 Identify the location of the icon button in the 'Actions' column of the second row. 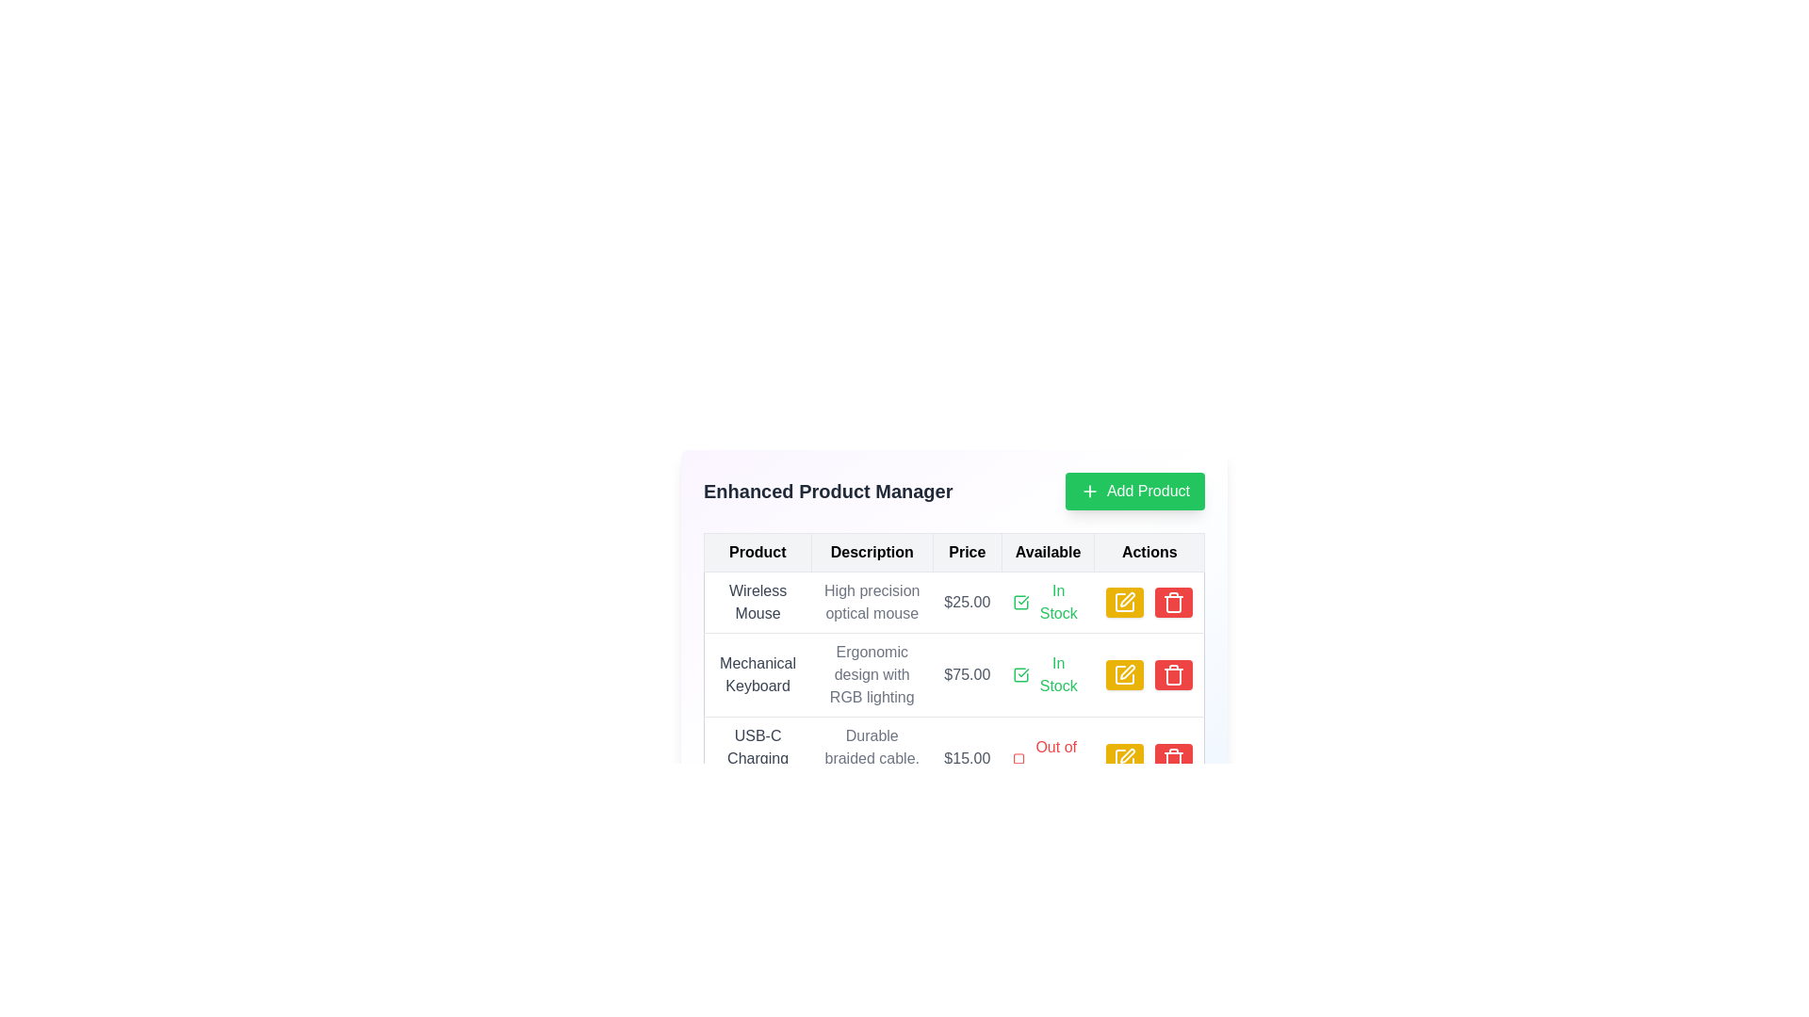
(1126, 670).